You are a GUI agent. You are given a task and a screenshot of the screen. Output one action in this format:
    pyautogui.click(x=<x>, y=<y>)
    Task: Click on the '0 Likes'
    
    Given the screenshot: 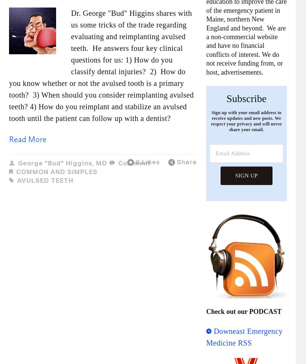 What is the action you would take?
    pyautogui.click(x=148, y=161)
    